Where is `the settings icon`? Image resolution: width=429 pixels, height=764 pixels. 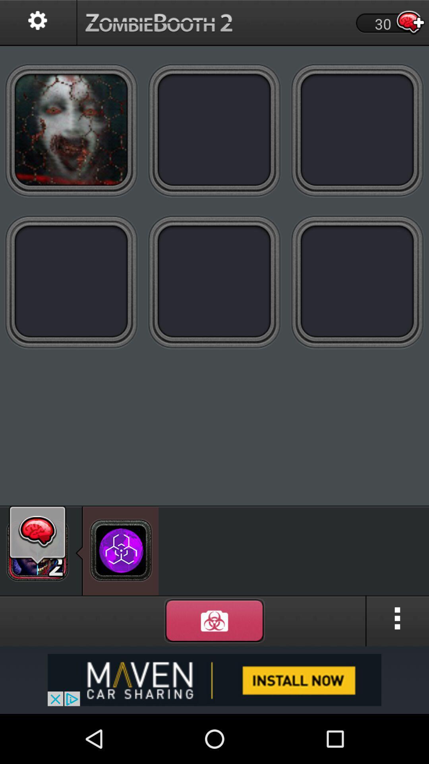 the settings icon is located at coordinates (38, 24).